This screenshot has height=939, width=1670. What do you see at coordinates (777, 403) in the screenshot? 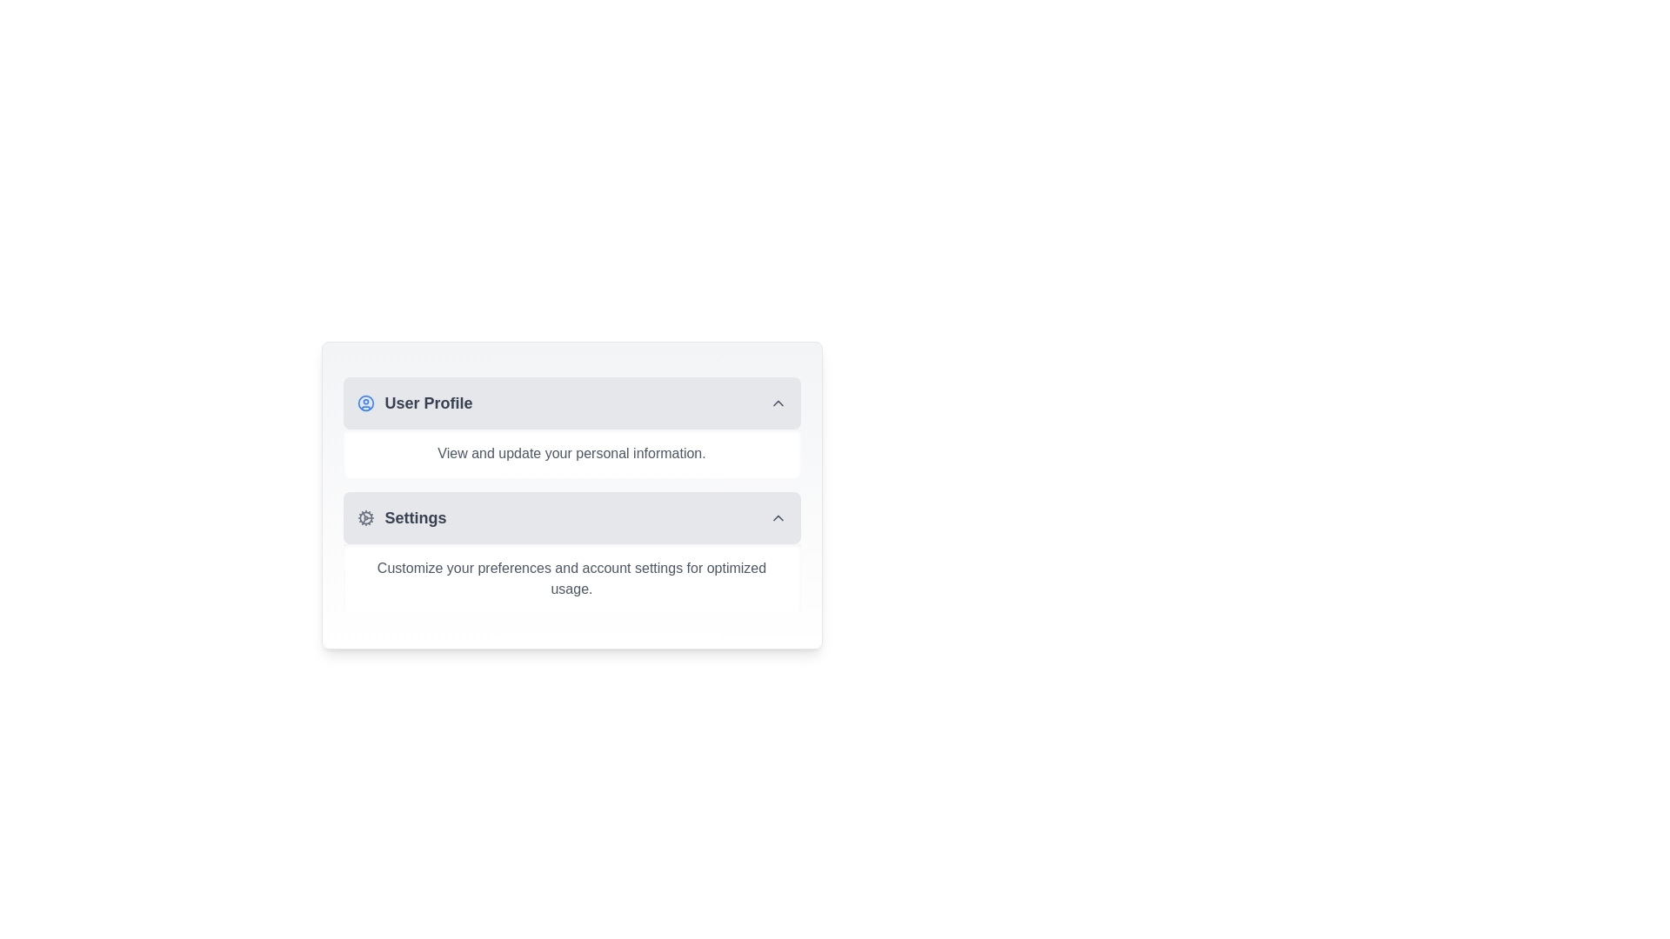
I see `the Chevron-Up icon located at the far right side of the 'User Profile' header section` at bounding box center [777, 403].